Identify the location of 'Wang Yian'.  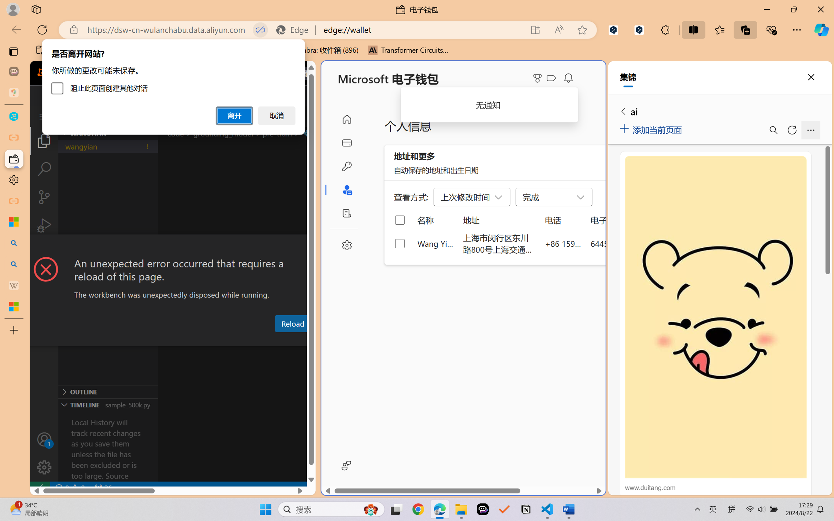
(435, 243).